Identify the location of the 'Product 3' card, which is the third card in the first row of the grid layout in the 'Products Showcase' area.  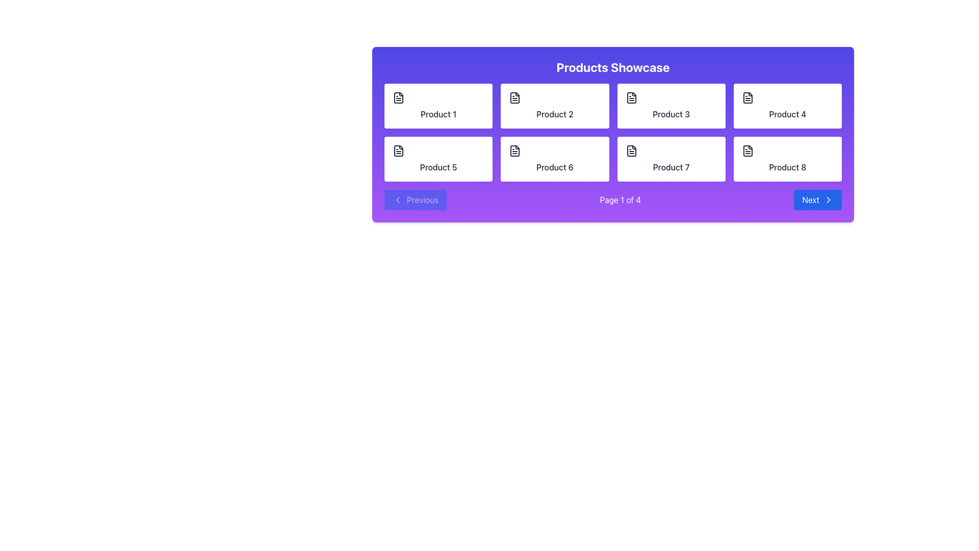
(671, 106).